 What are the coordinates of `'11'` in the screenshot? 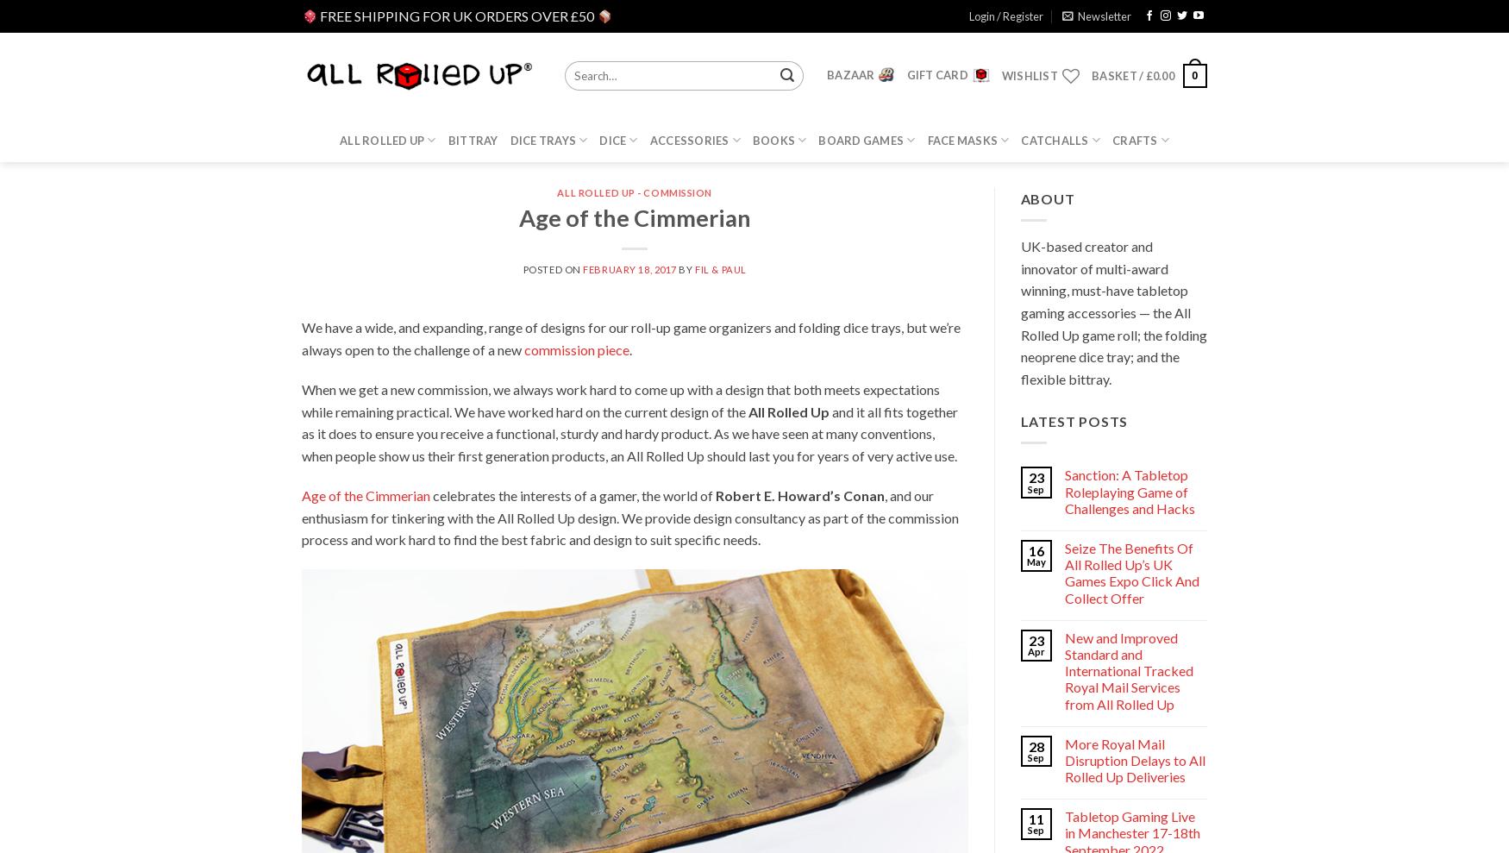 It's located at (1036, 819).